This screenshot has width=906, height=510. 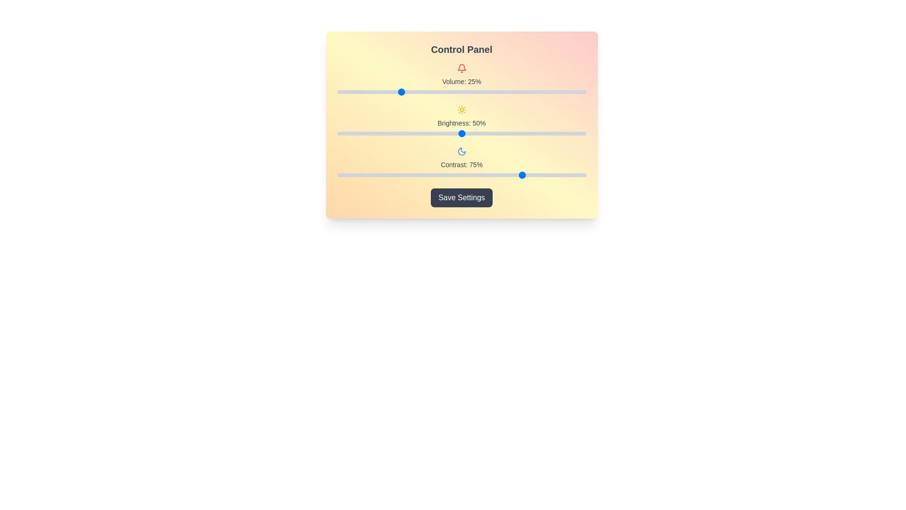 What do you see at coordinates (546, 133) in the screenshot?
I see `brightness` at bounding box center [546, 133].